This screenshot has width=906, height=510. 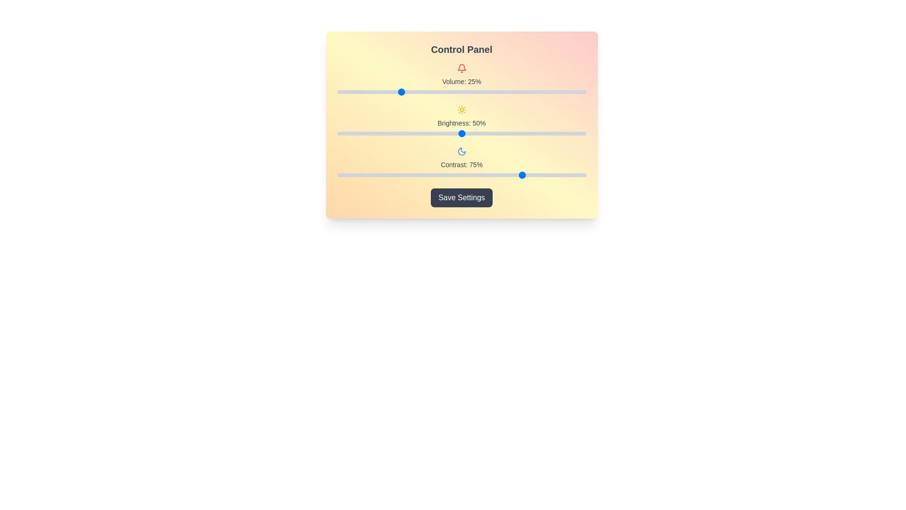 What do you see at coordinates (546, 133) in the screenshot?
I see `brightness` at bounding box center [546, 133].